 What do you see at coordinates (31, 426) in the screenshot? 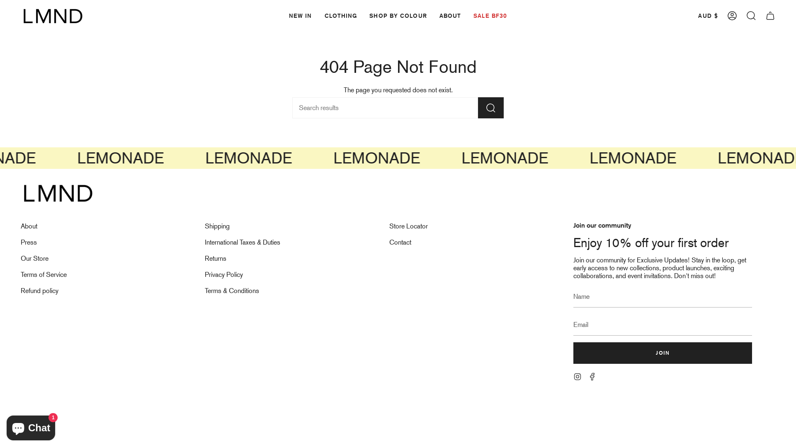
I see `'Shopify online store chat'` at bounding box center [31, 426].